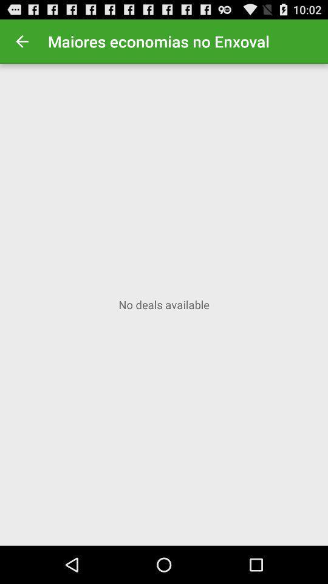  What do you see at coordinates (22, 41) in the screenshot?
I see `item above the no deals available item` at bounding box center [22, 41].